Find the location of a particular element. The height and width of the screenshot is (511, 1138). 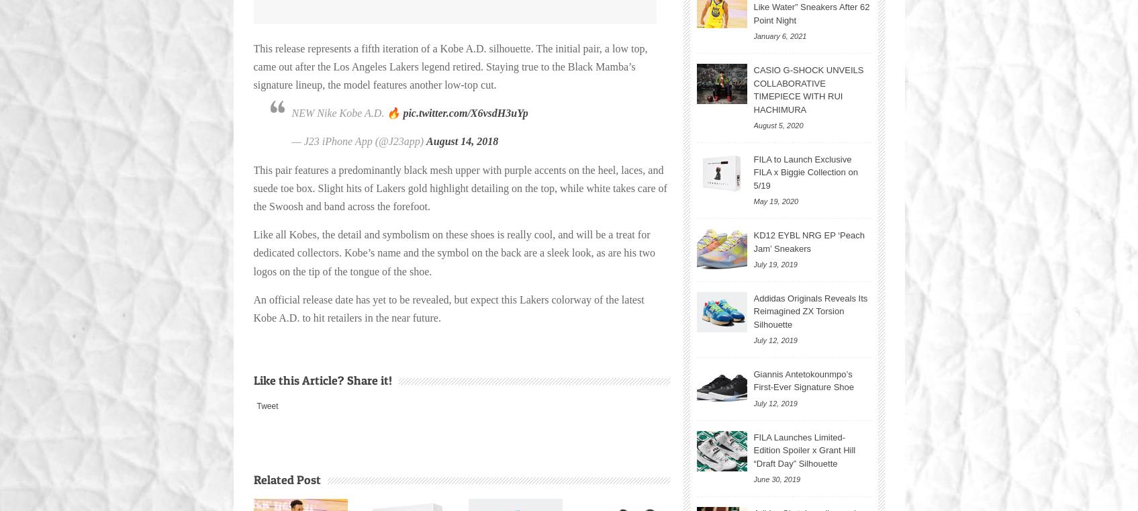

'— J23 iPhone App (@J23app)' is located at coordinates (359, 140).